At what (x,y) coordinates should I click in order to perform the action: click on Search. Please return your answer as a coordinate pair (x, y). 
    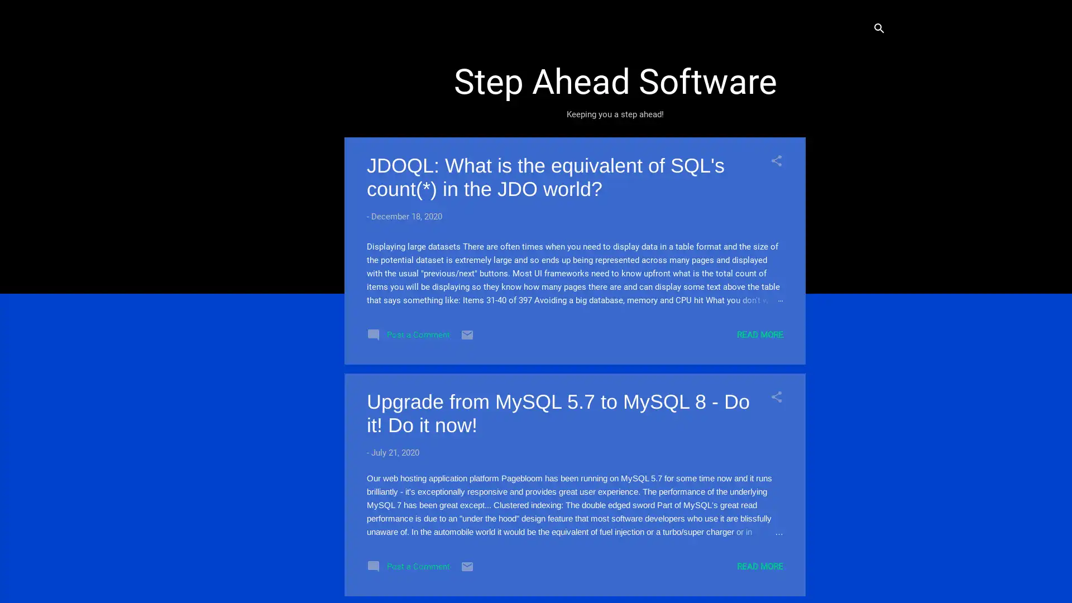
    Looking at the image, I should click on (878, 30).